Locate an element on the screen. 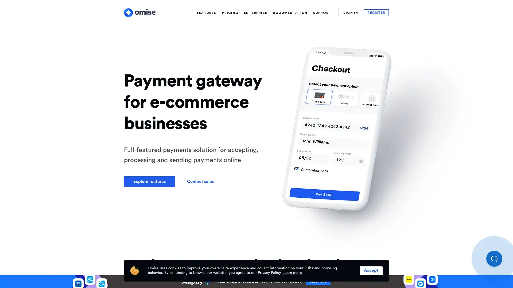 The image size is (513, 288). Accept is located at coordinates (371, 270).